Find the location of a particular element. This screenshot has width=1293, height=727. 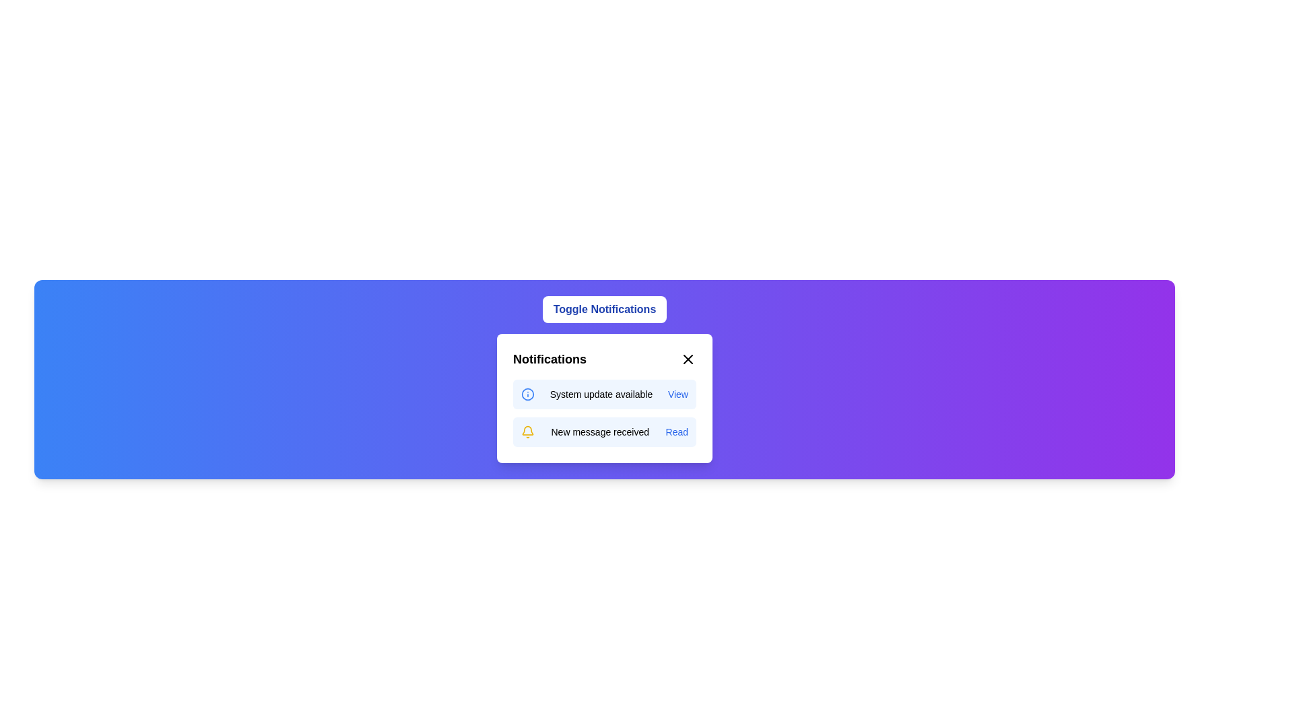

the non-interactive Text Label that displays the main message of the second notification item, located between the notification bell icon and the 'Read' link is located at coordinates (599, 431).